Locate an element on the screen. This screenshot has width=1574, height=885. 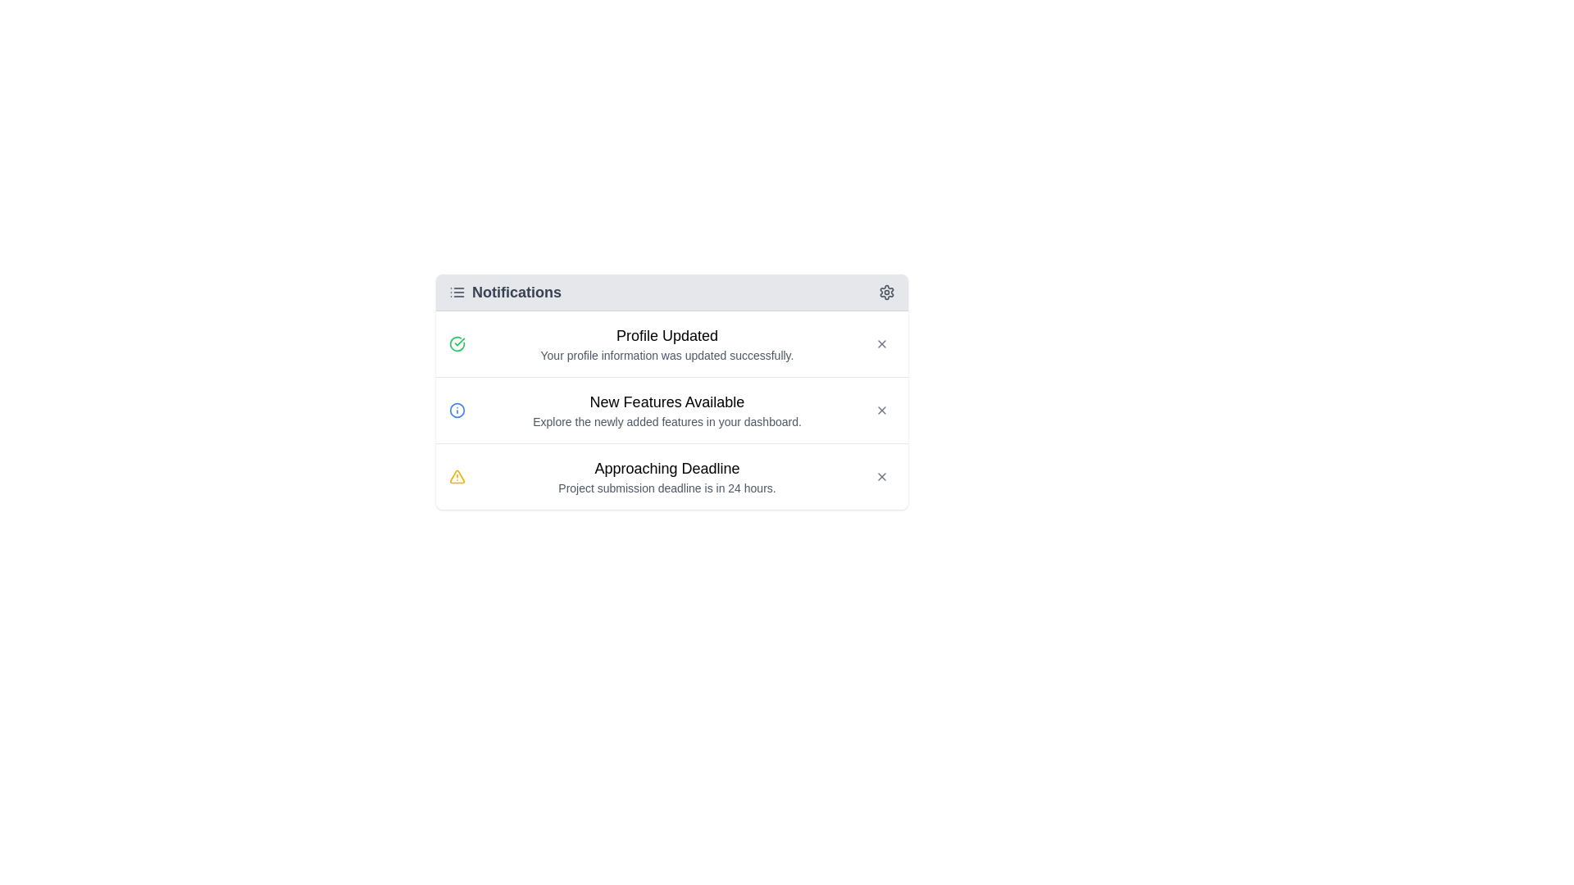
the cogwheel-shaped icon in the top-right corner of the notification panel is located at coordinates (885, 292).